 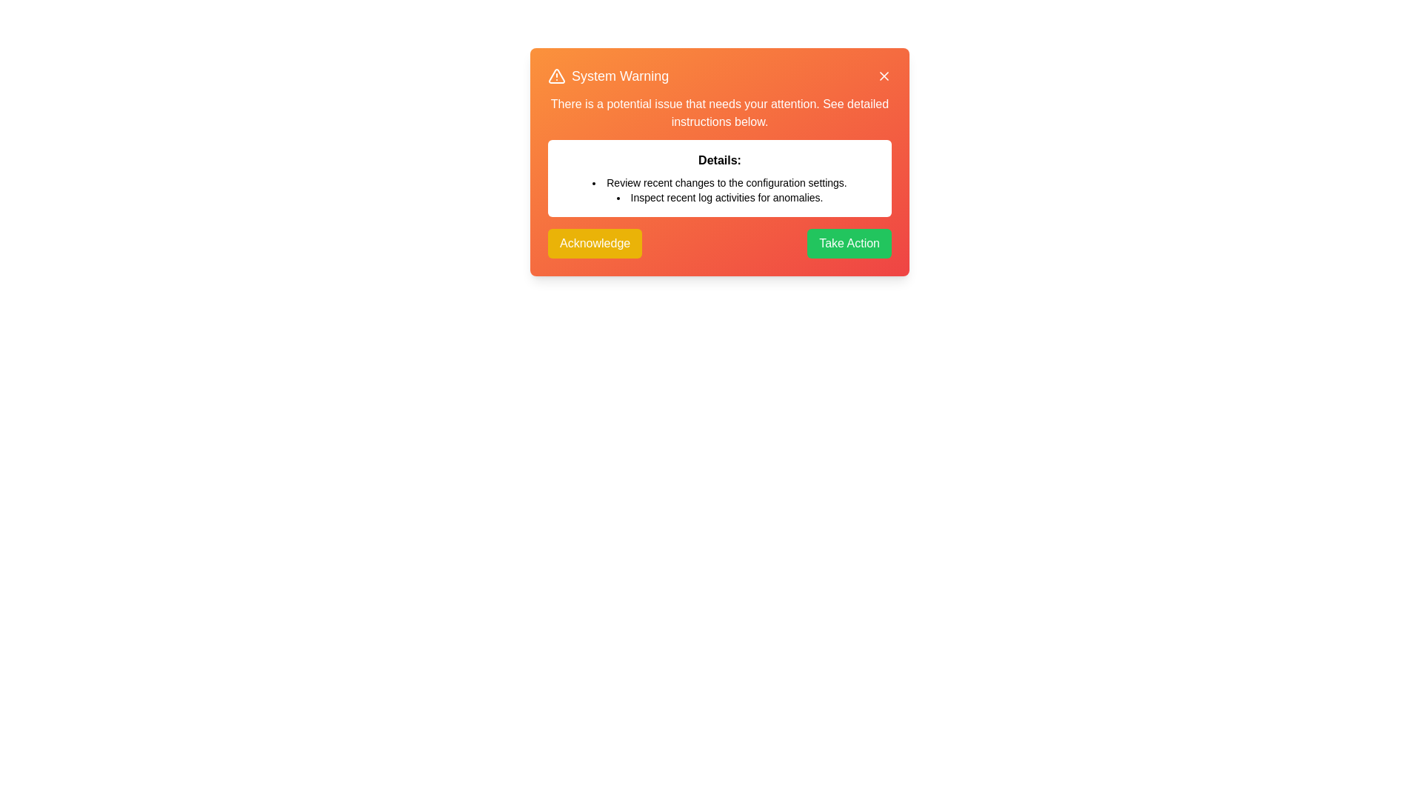 What do you see at coordinates (719, 113) in the screenshot?
I see `the text that reads 'There is a potential issue that needs your attention. See detailed instructions below.' which is displayed in white on an orange background, located beneath the title 'System Warning' in a modal dialog` at bounding box center [719, 113].